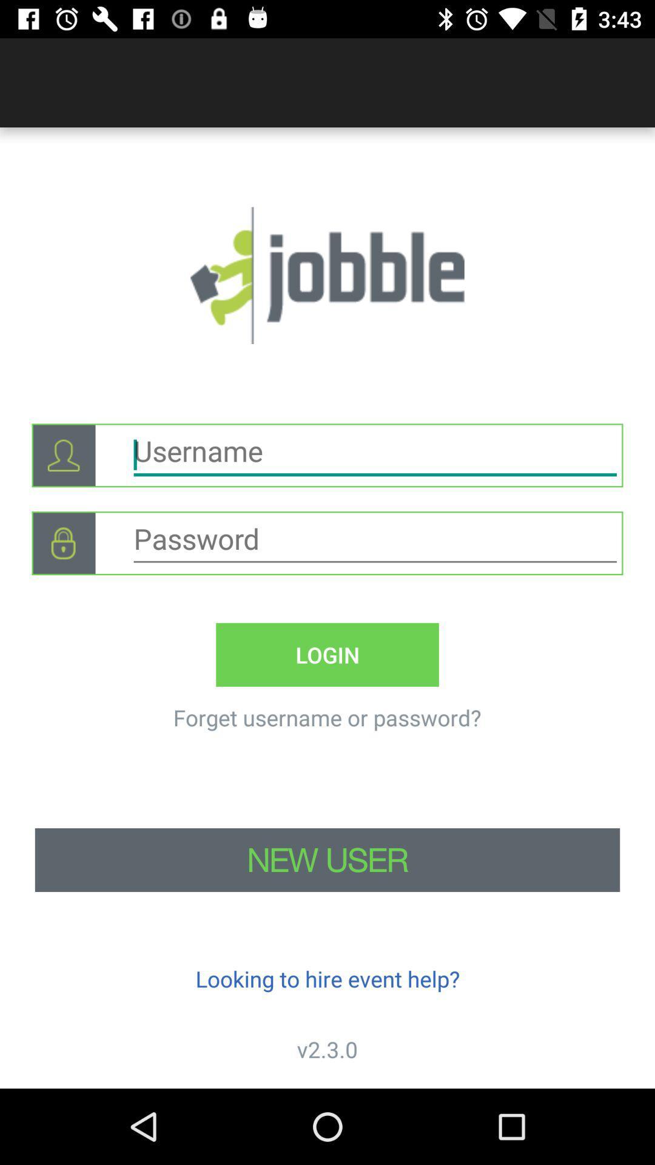 The image size is (655, 1165). What do you see at coordinates (327, 654) in the screenshot?
I see `the login icon` at bounding box center [327, 654].